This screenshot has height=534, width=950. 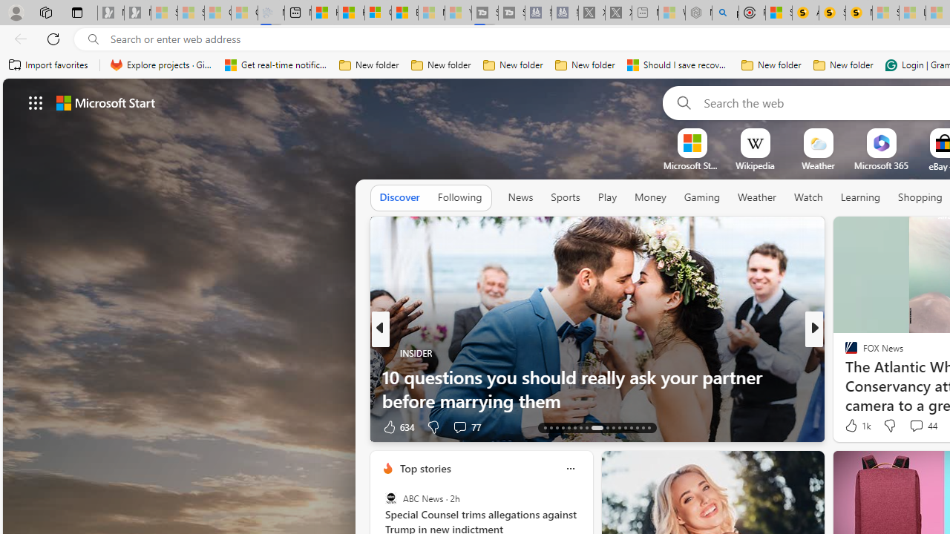 What do you see at coordinates (631, 428) in the screenshot?
I see `'AutomationID: tab-26'` at bounding box center [631, 428].